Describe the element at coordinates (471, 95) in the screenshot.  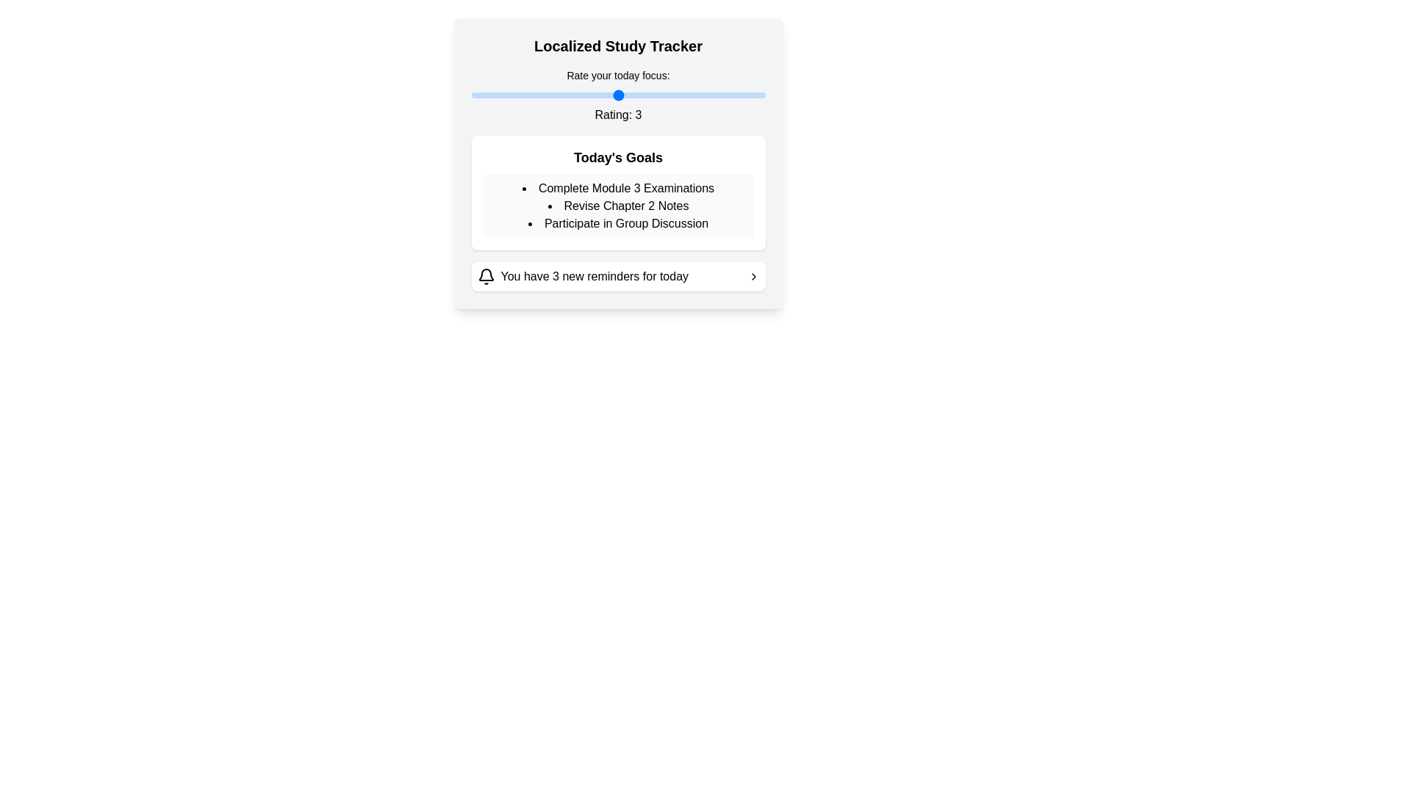
I see `the focus rating` at that location.